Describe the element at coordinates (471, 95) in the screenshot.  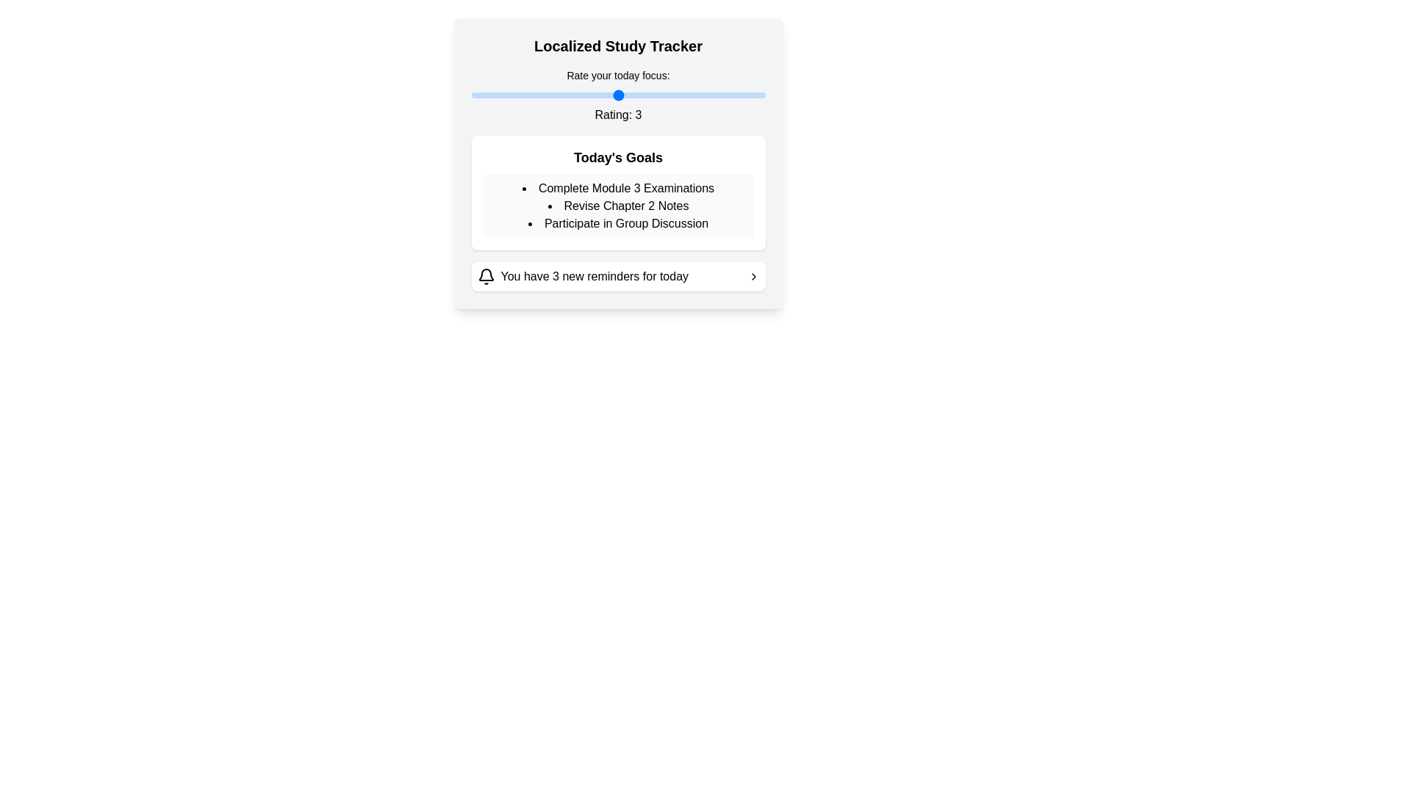
I see `the focus rating` at that location.